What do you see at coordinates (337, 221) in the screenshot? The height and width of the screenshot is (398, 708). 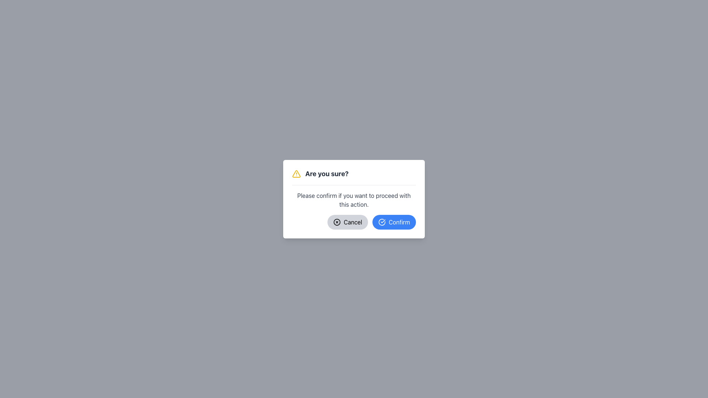 I see `the cancel icon located to the left of the 'Cancel' button in the bottom-left area of the dialog box` at bounding box center [337, 221].